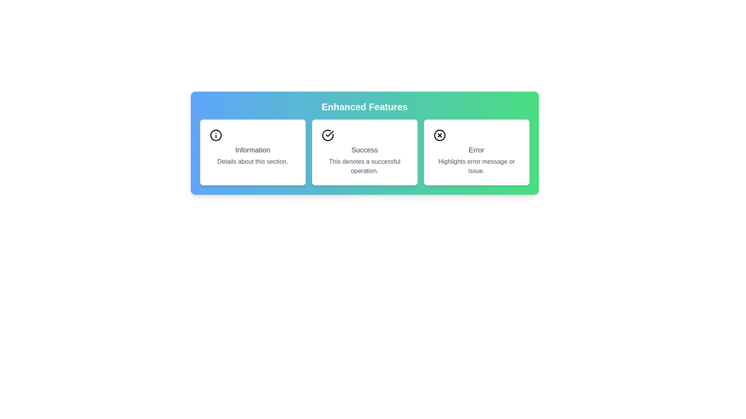 This screenshot has width=746, height=419. I want to click on the text label indicating an issue or error in the rightmost card of the horizontal interface, positioned below an icon and above a descriptive subtitle, so click(476, 150).